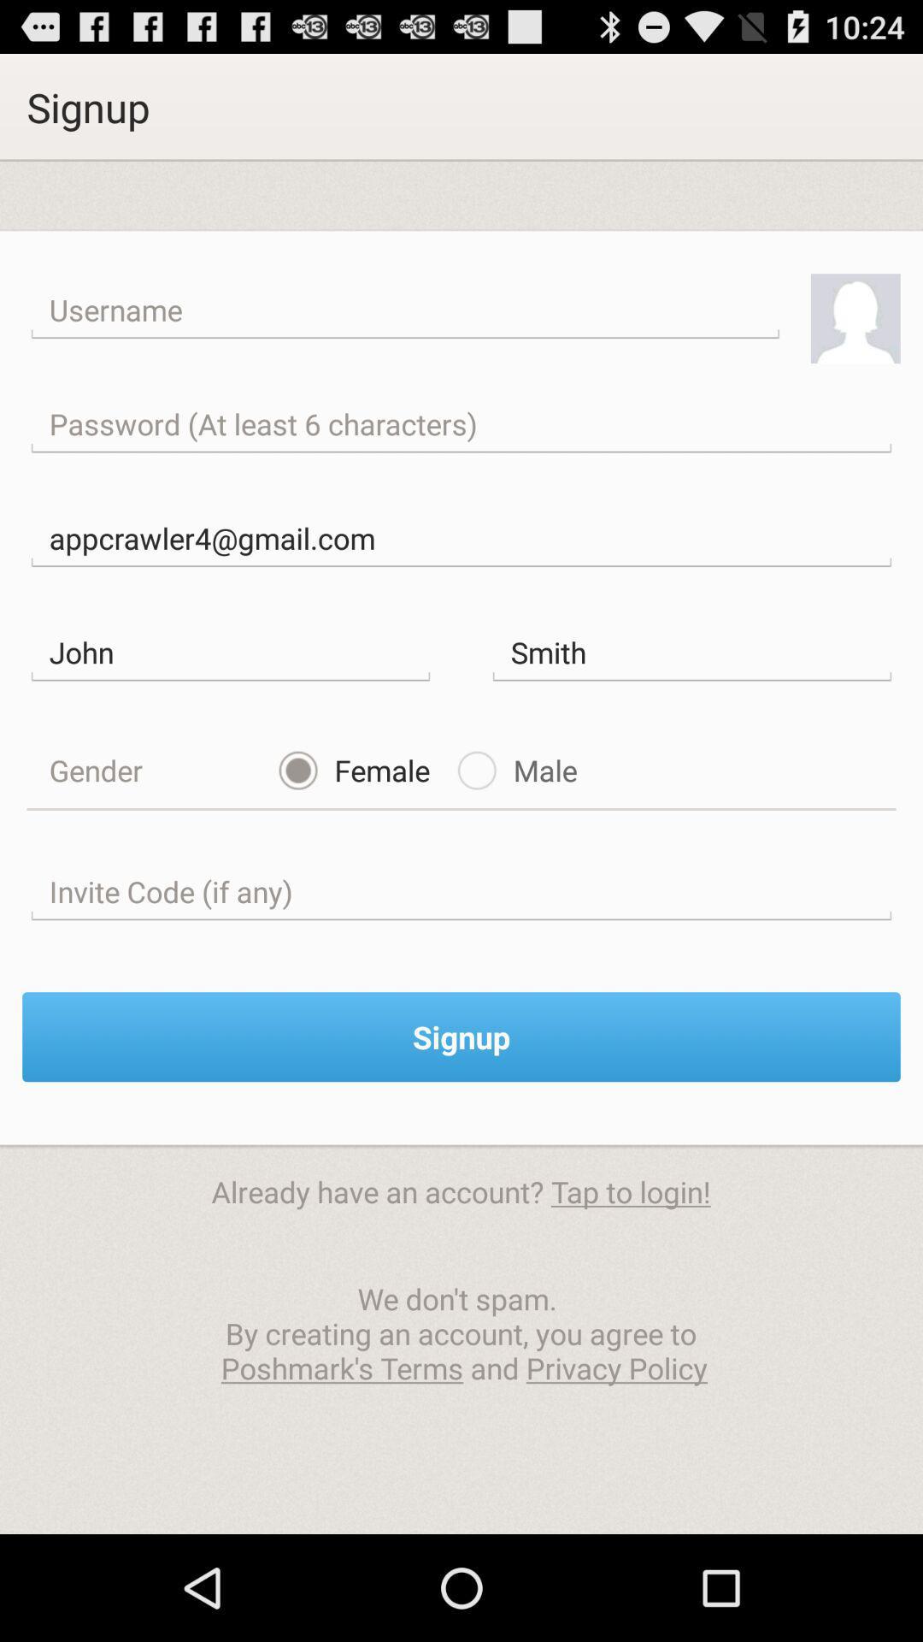  Describe the element at coordinates (461, 424) in the screenshot. I see `password row` at that location.